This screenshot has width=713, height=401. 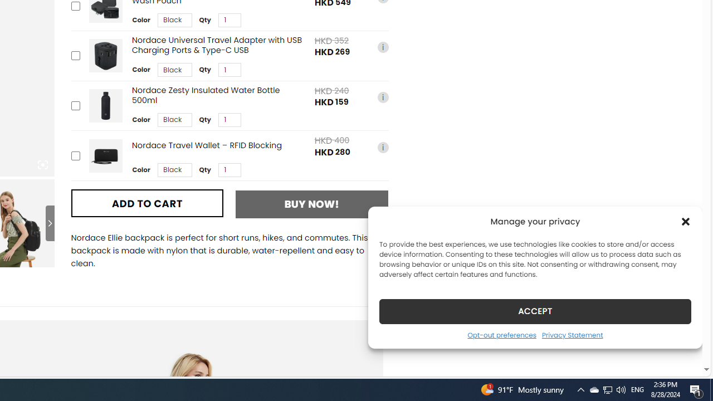 What do you see at coordinates (501, 334) in the screenshot?
I see `'Opt-out preferences'` at bounding box center [501, 334].